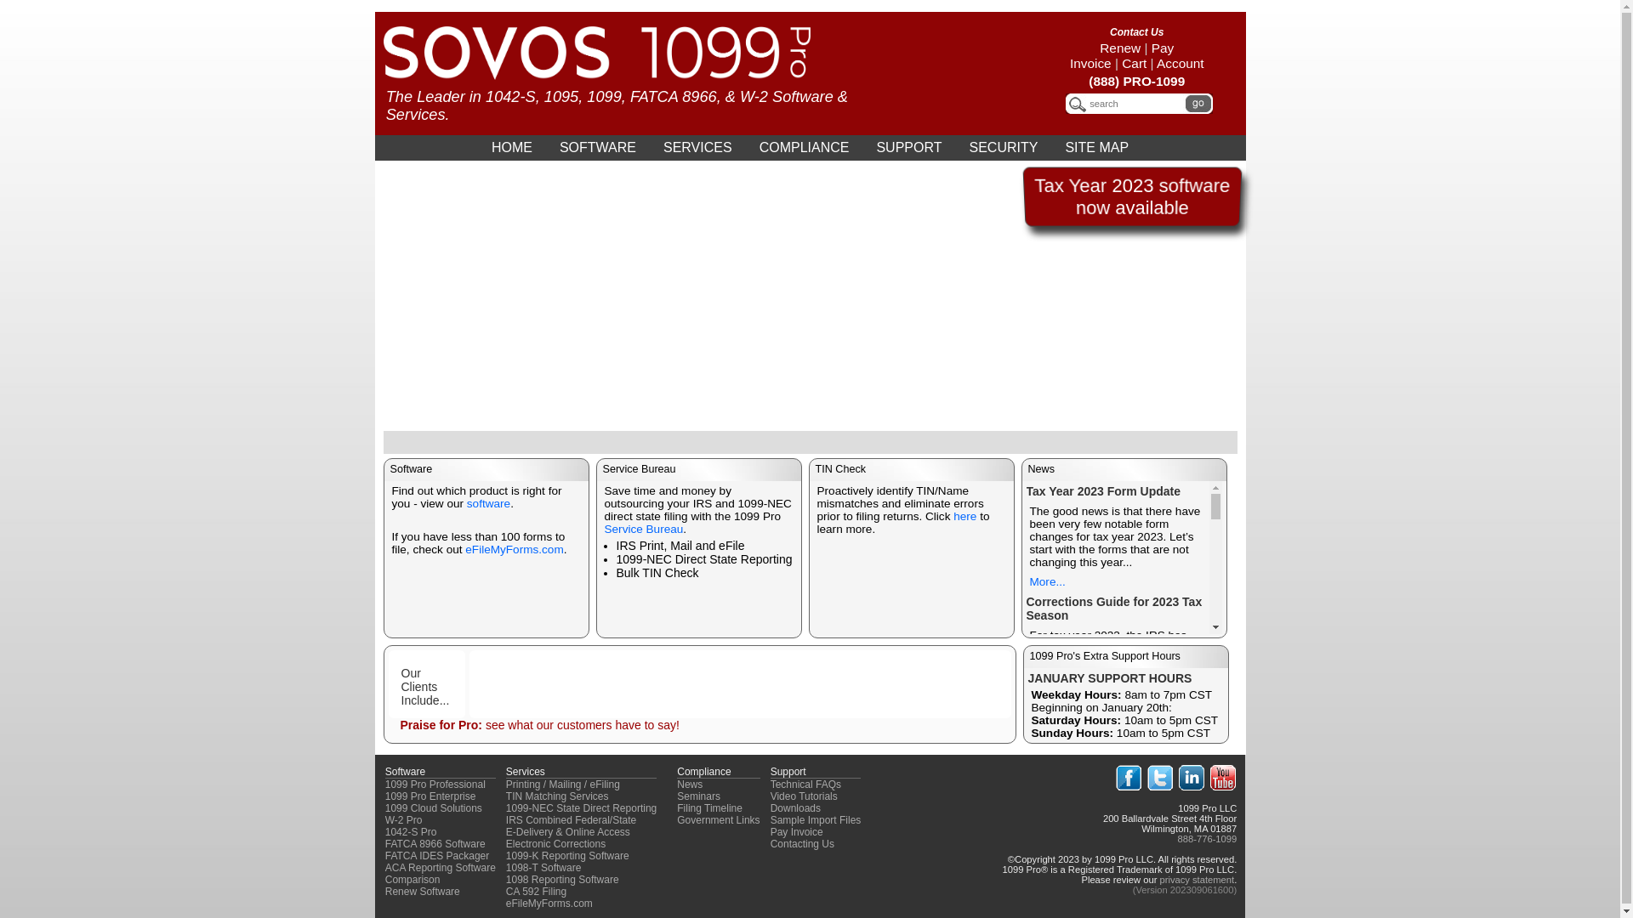 This screenshot has height=918, width=1633. I want to click on 'HOME', so click(510, 146).